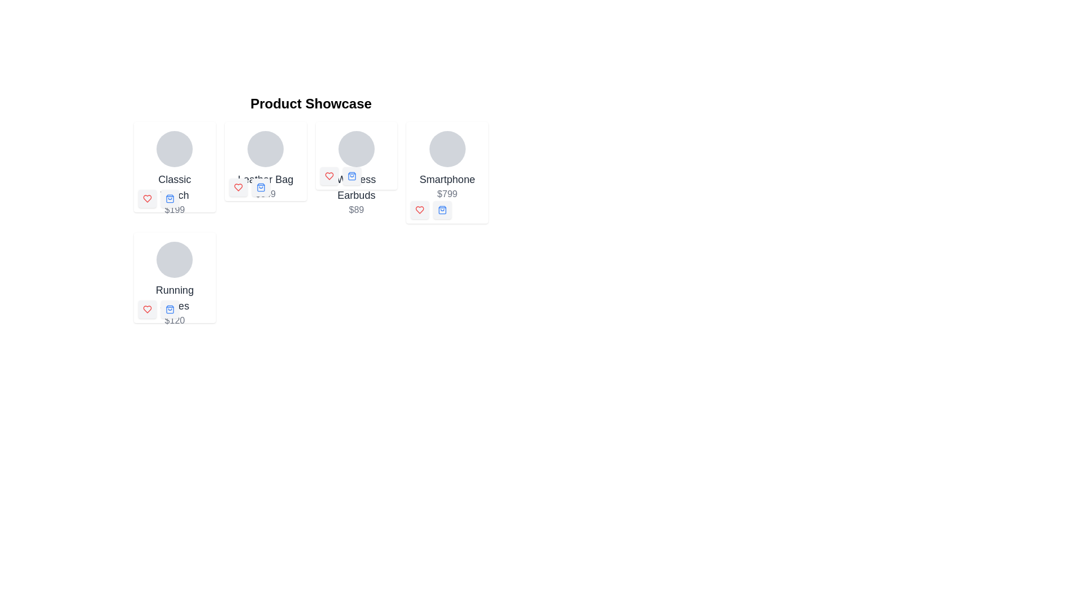 The image size is (1085, 610). I want to click on the shopping bag icon in the dual icon group located at the bottom-left section of the 'Wireless Earbuds' product card, so click(340, 176).